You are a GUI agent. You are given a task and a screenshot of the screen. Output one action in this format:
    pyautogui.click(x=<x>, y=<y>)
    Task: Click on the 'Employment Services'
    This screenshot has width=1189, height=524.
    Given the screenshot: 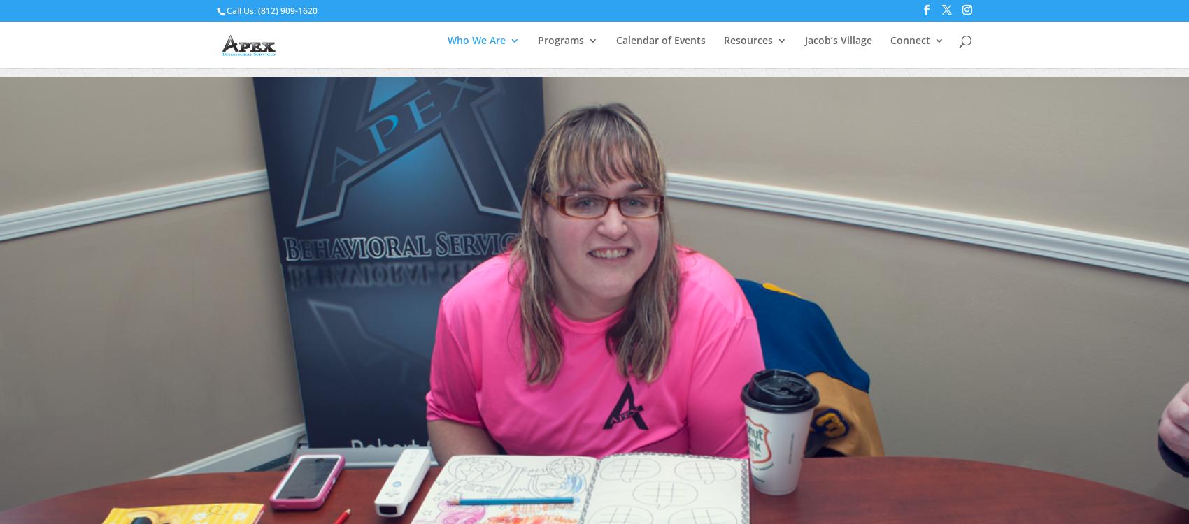 What is the action you would take?
    pyautogui.click(x=631, y=134)
    